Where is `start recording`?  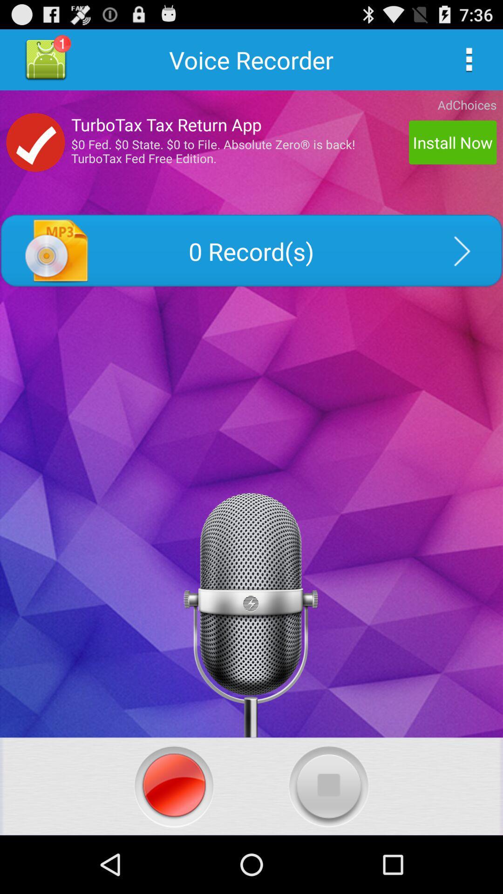 start recording is located at coordinates (174, 786).